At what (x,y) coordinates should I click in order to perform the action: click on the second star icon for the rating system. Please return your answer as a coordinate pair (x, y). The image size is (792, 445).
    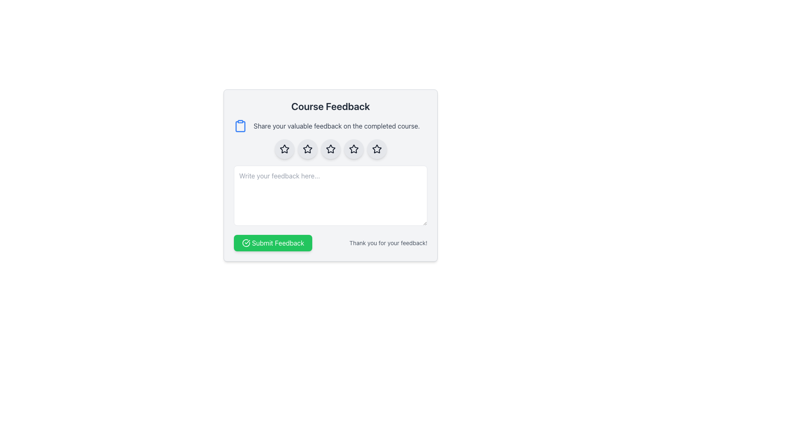
    Looking at the image, I should click on (330, 149).